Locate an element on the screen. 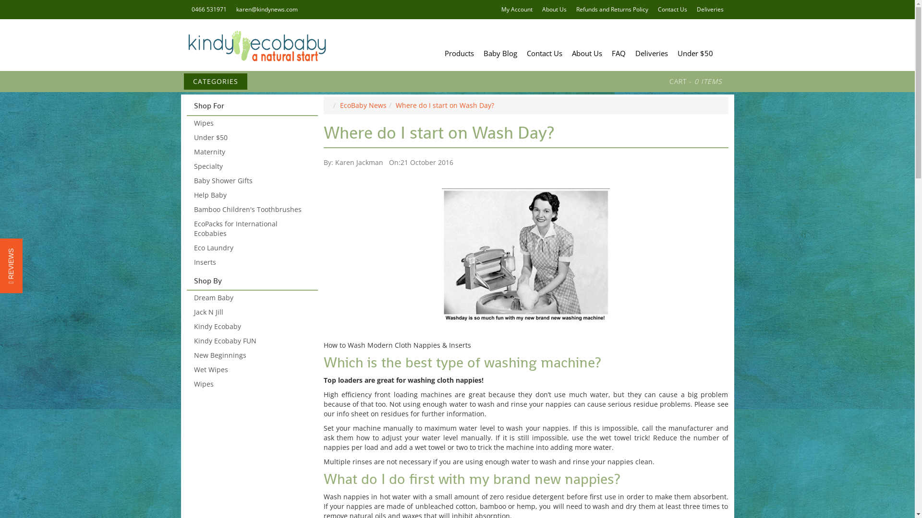  'CART - 0 ITEMS' is located at coordinates (695, 81).